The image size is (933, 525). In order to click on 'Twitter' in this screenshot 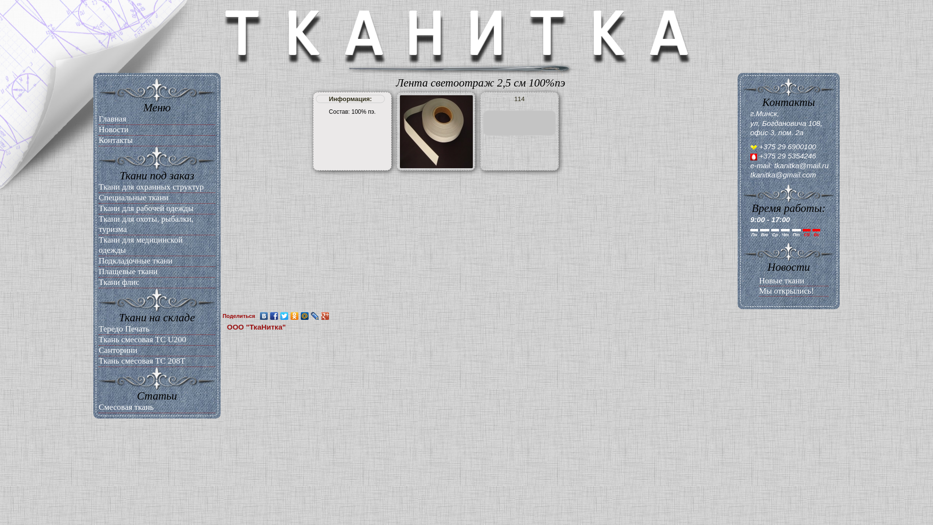, I will do `click(279, 316)`.